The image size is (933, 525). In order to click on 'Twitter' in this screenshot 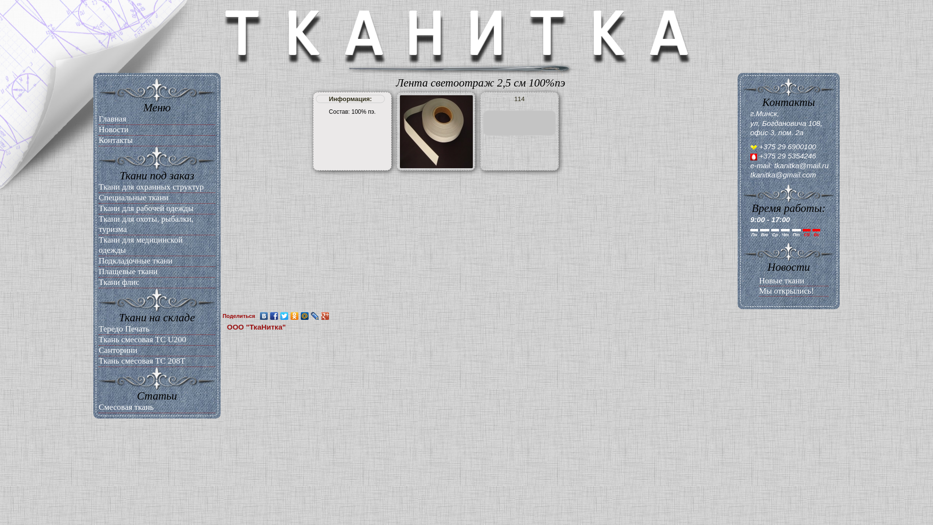, I will do `click(279, 316)`.